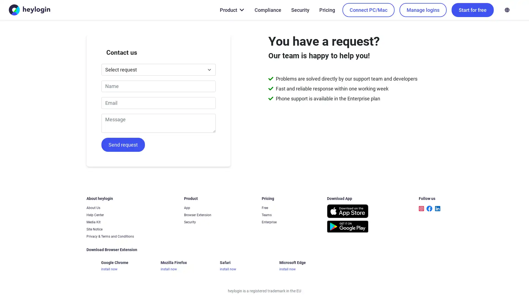 This screenshot has height=297, width=529. Describe the element at coordinates (507, 10) in the screenshot. I see `Language Switcher` at that location.